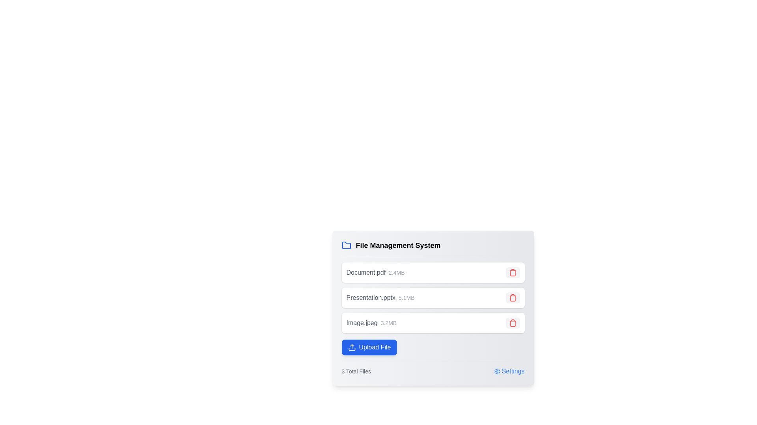 The image size is (757, 425). I want to click on the blue upload button located at the bottom of the file list to initiate the file upload process, so click(369, 347).